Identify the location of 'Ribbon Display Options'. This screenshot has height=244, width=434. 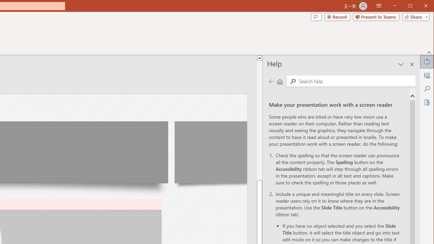
(378, 6).